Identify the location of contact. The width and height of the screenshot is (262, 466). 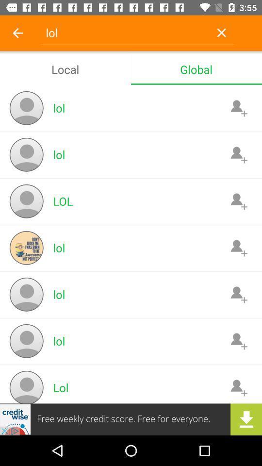
(238, 200).